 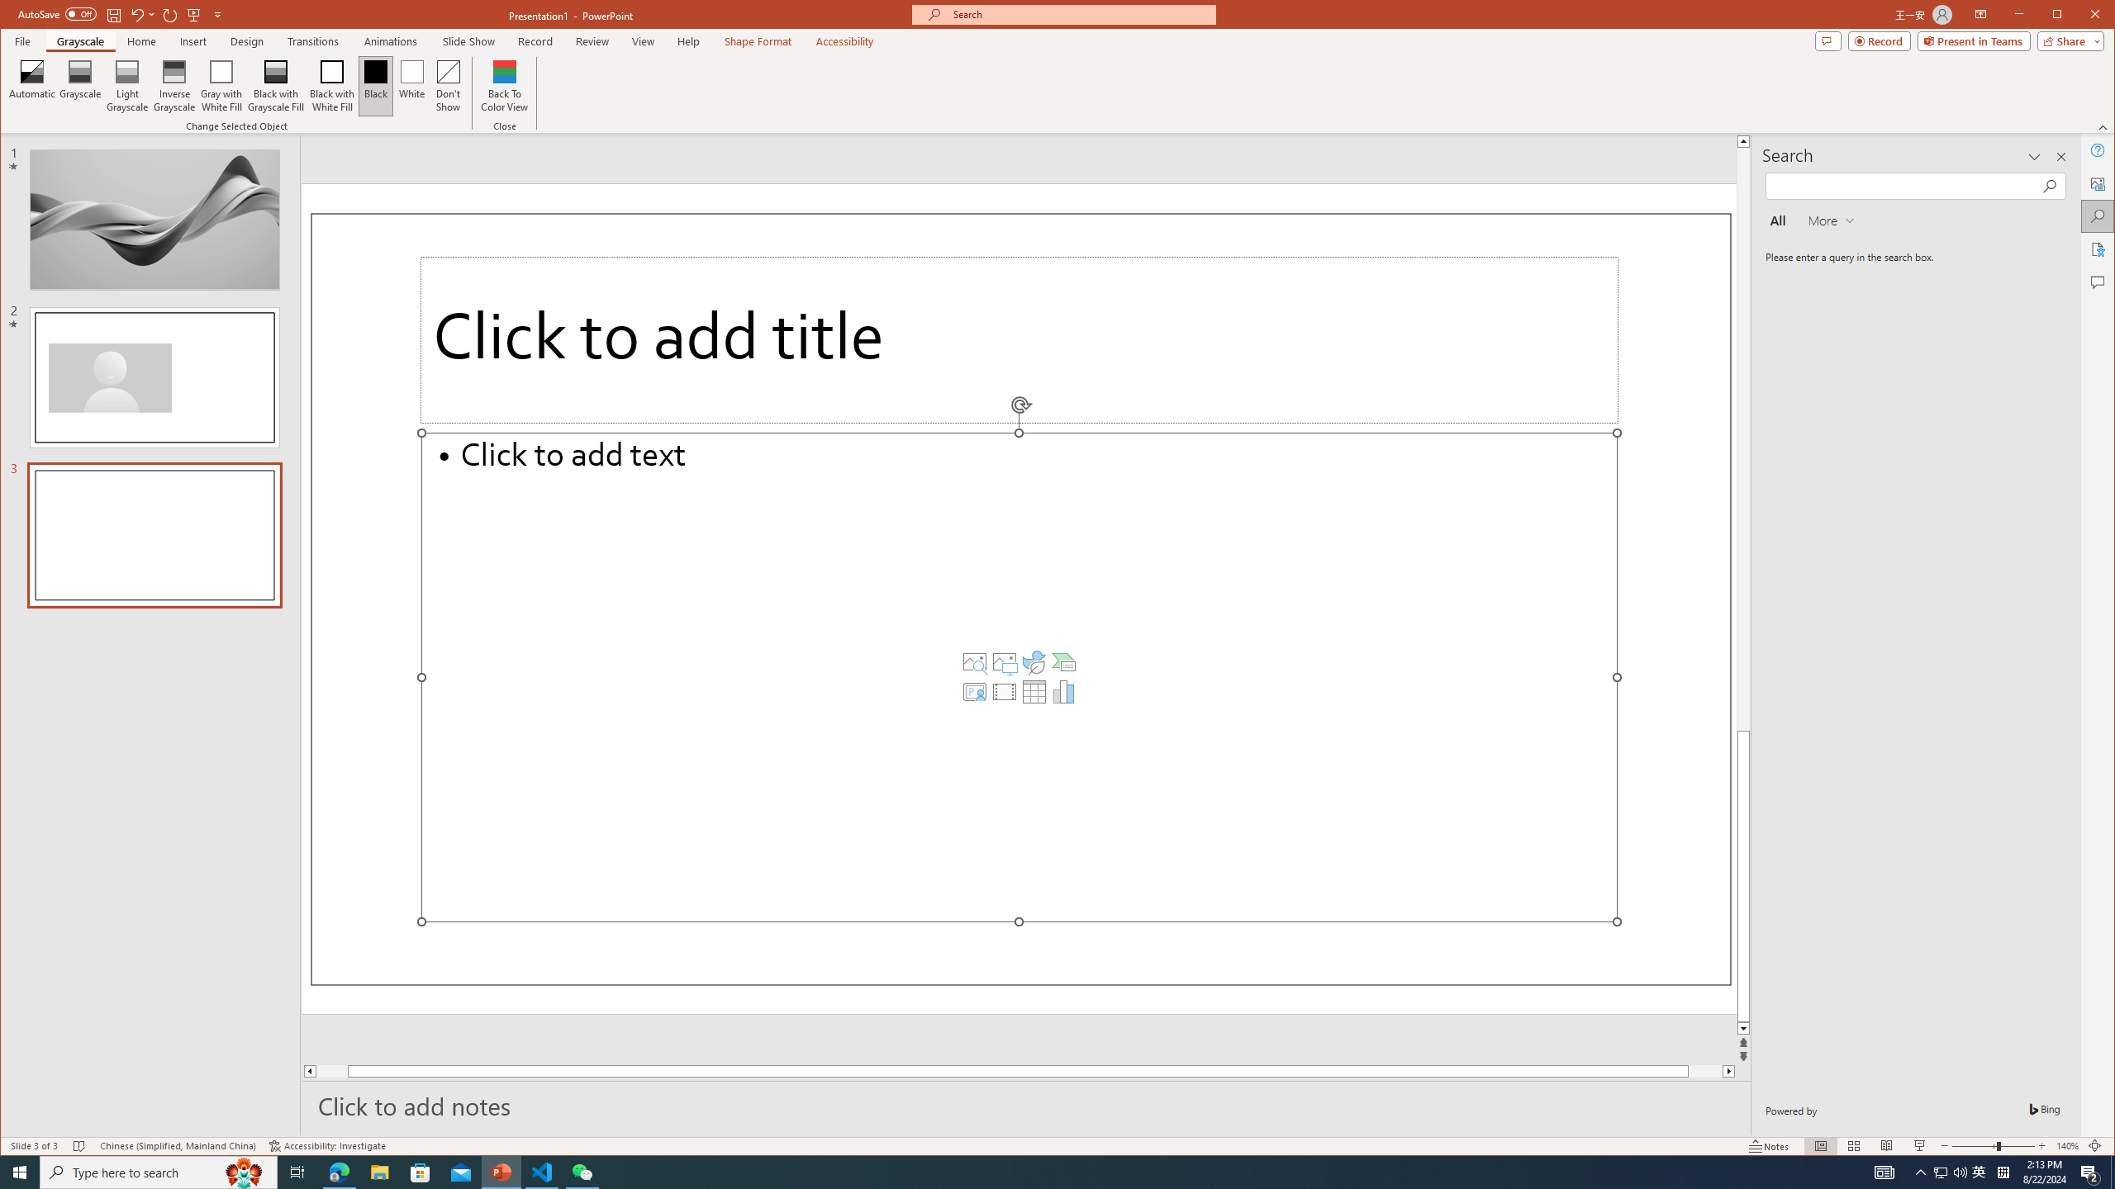 I want to click on 'Back To Color View', so click(x=505, y=85).